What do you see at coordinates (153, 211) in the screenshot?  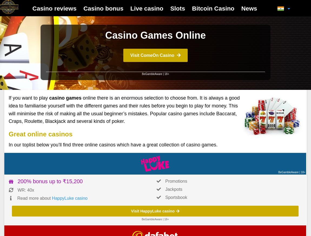 I see `'Visit HappyLuke casino'` at bounding box center [153, 211].